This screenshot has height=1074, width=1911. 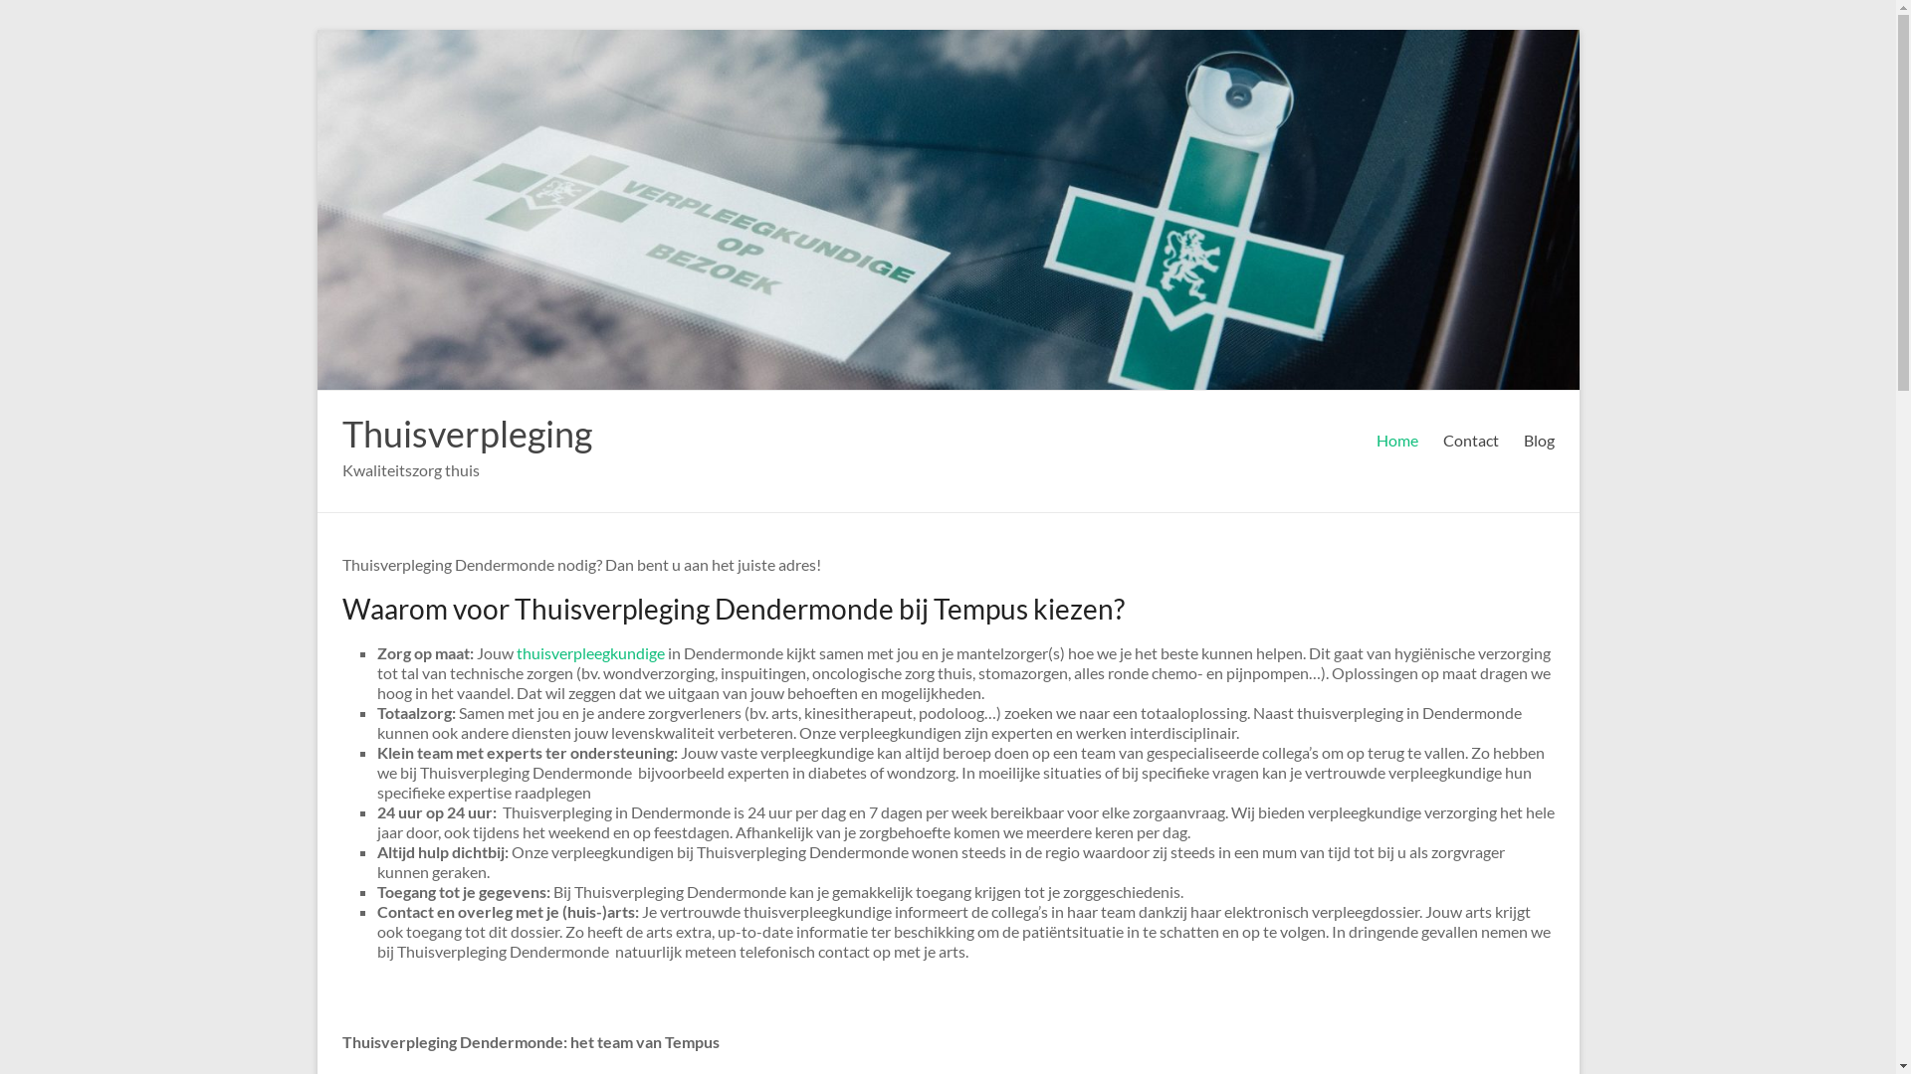 I want to click on 'Blog', so click(x=1522, y=440).